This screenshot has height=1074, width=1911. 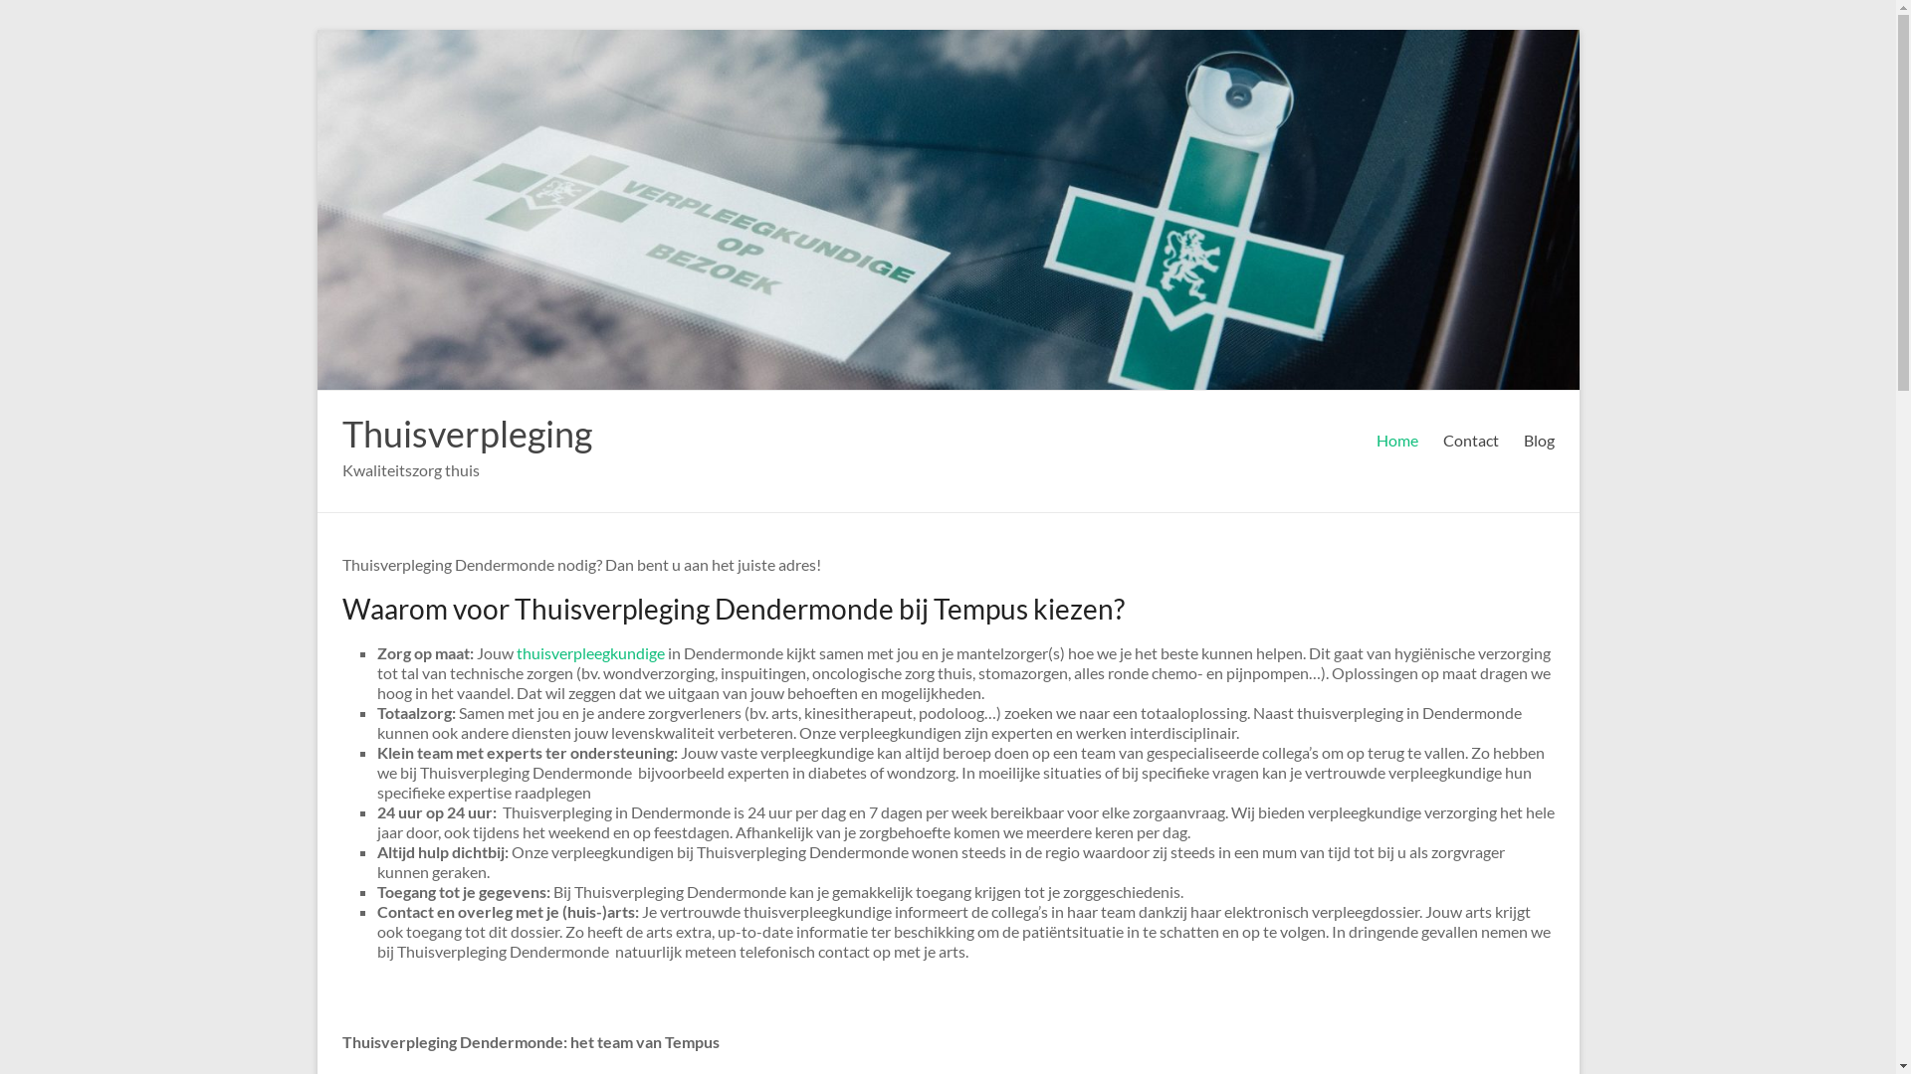 I want to click on 'Blog', so click(x=1522, y=440).